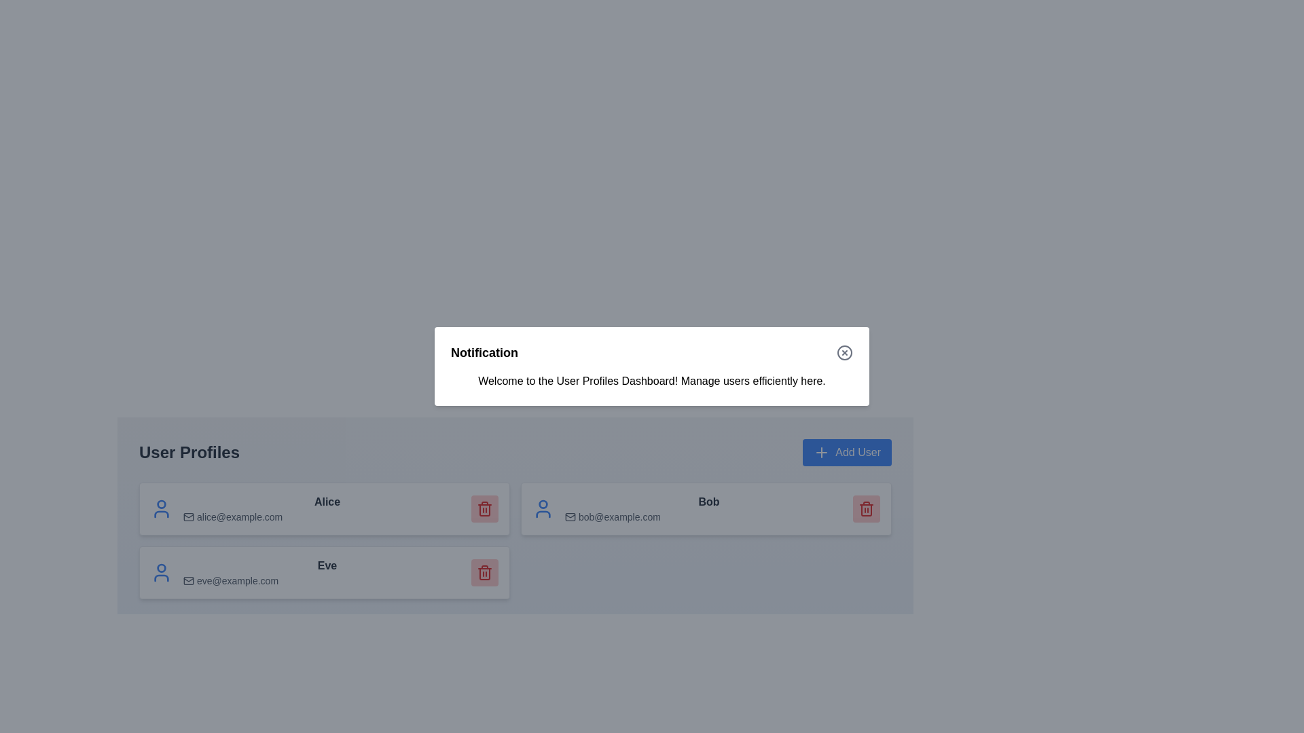 The image size is (1304, 733). Describe the element at coordinates (844, 352) in the screenshot. I see `the Close button located in the top-right corner of the notification modal` at that location.